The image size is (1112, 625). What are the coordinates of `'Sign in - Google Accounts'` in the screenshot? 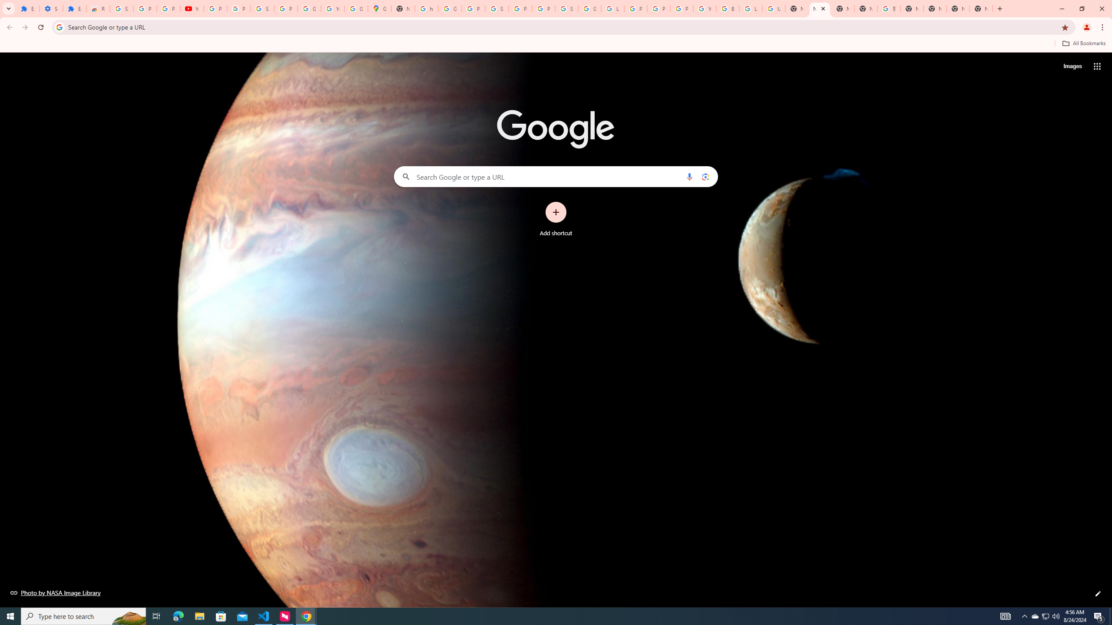 It's located at (121, 8).